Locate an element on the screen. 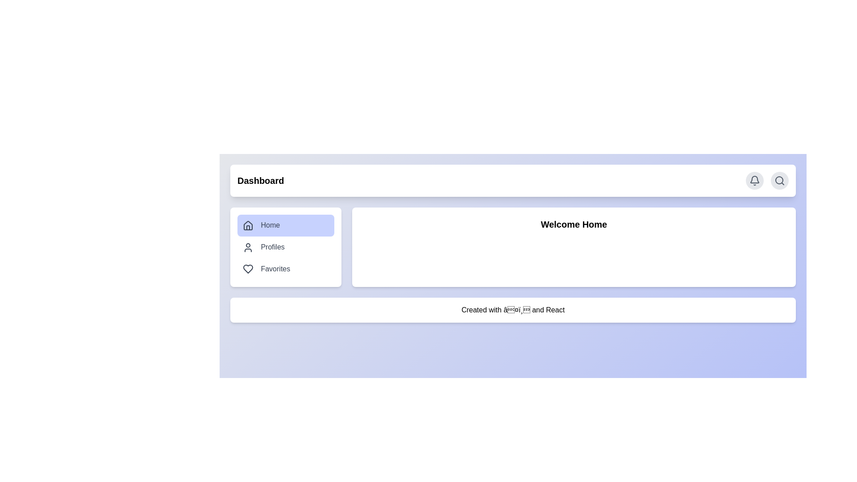 The image size is (857, 482). the 'Home' icon located in the vertical navigation panel on the left side of the page, which serves as a visual indicator to navigate to the main dashboard is located at coordinates (248, 225).